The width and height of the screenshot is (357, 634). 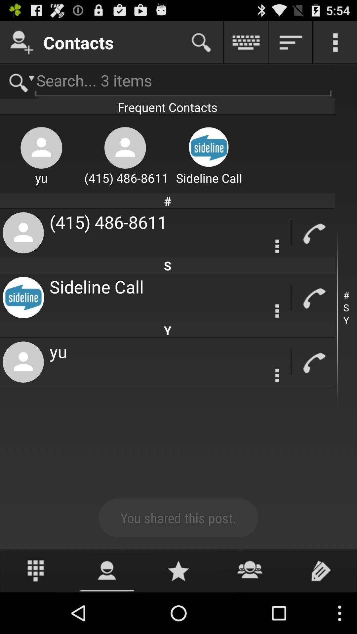 What do you see at coordinates (21, 45) in the screenshot?
I see `the follow icon` at bounding box center [21, 45].